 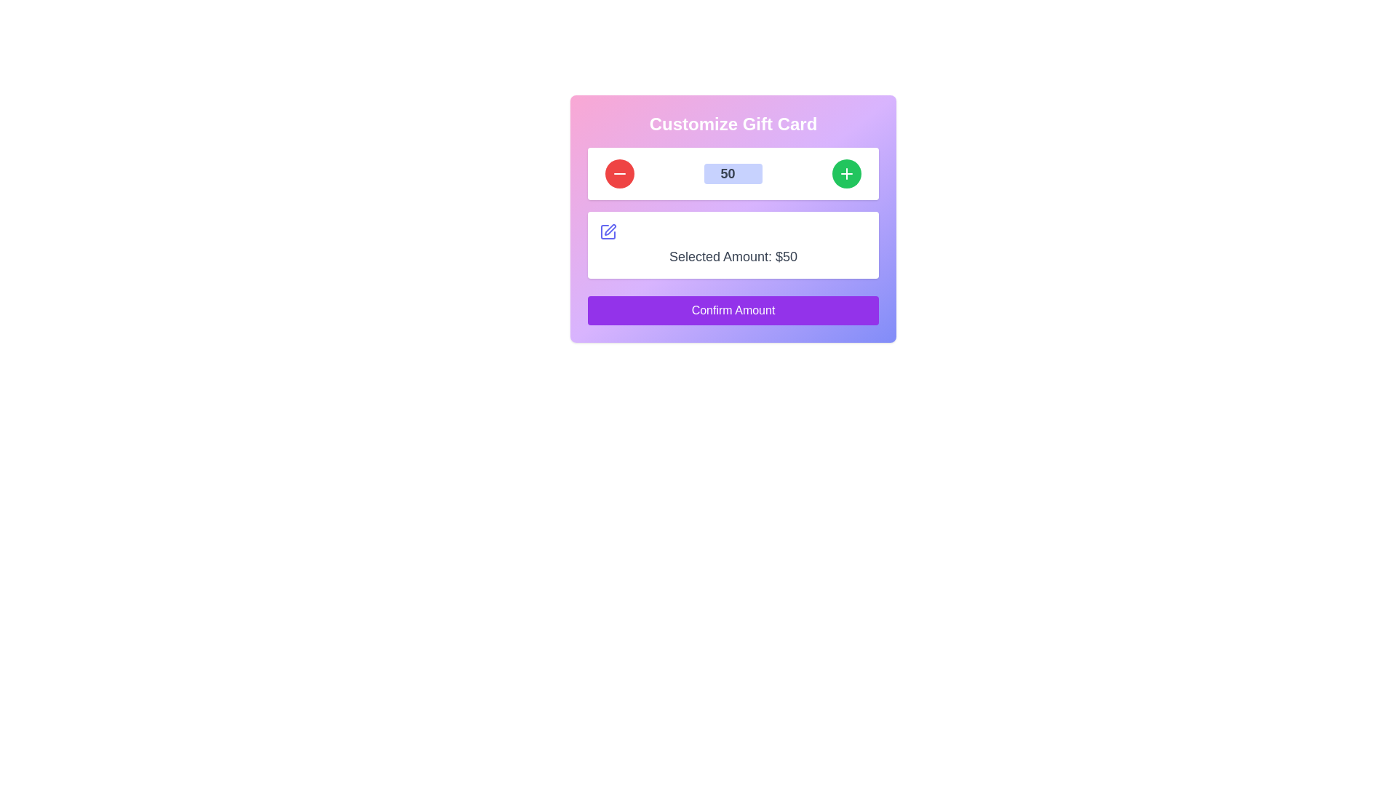 I want to click on the indigo square-shaped icon with a pen outline, located above the text 'Selected Amount: $50', so click(x=608, y=231).